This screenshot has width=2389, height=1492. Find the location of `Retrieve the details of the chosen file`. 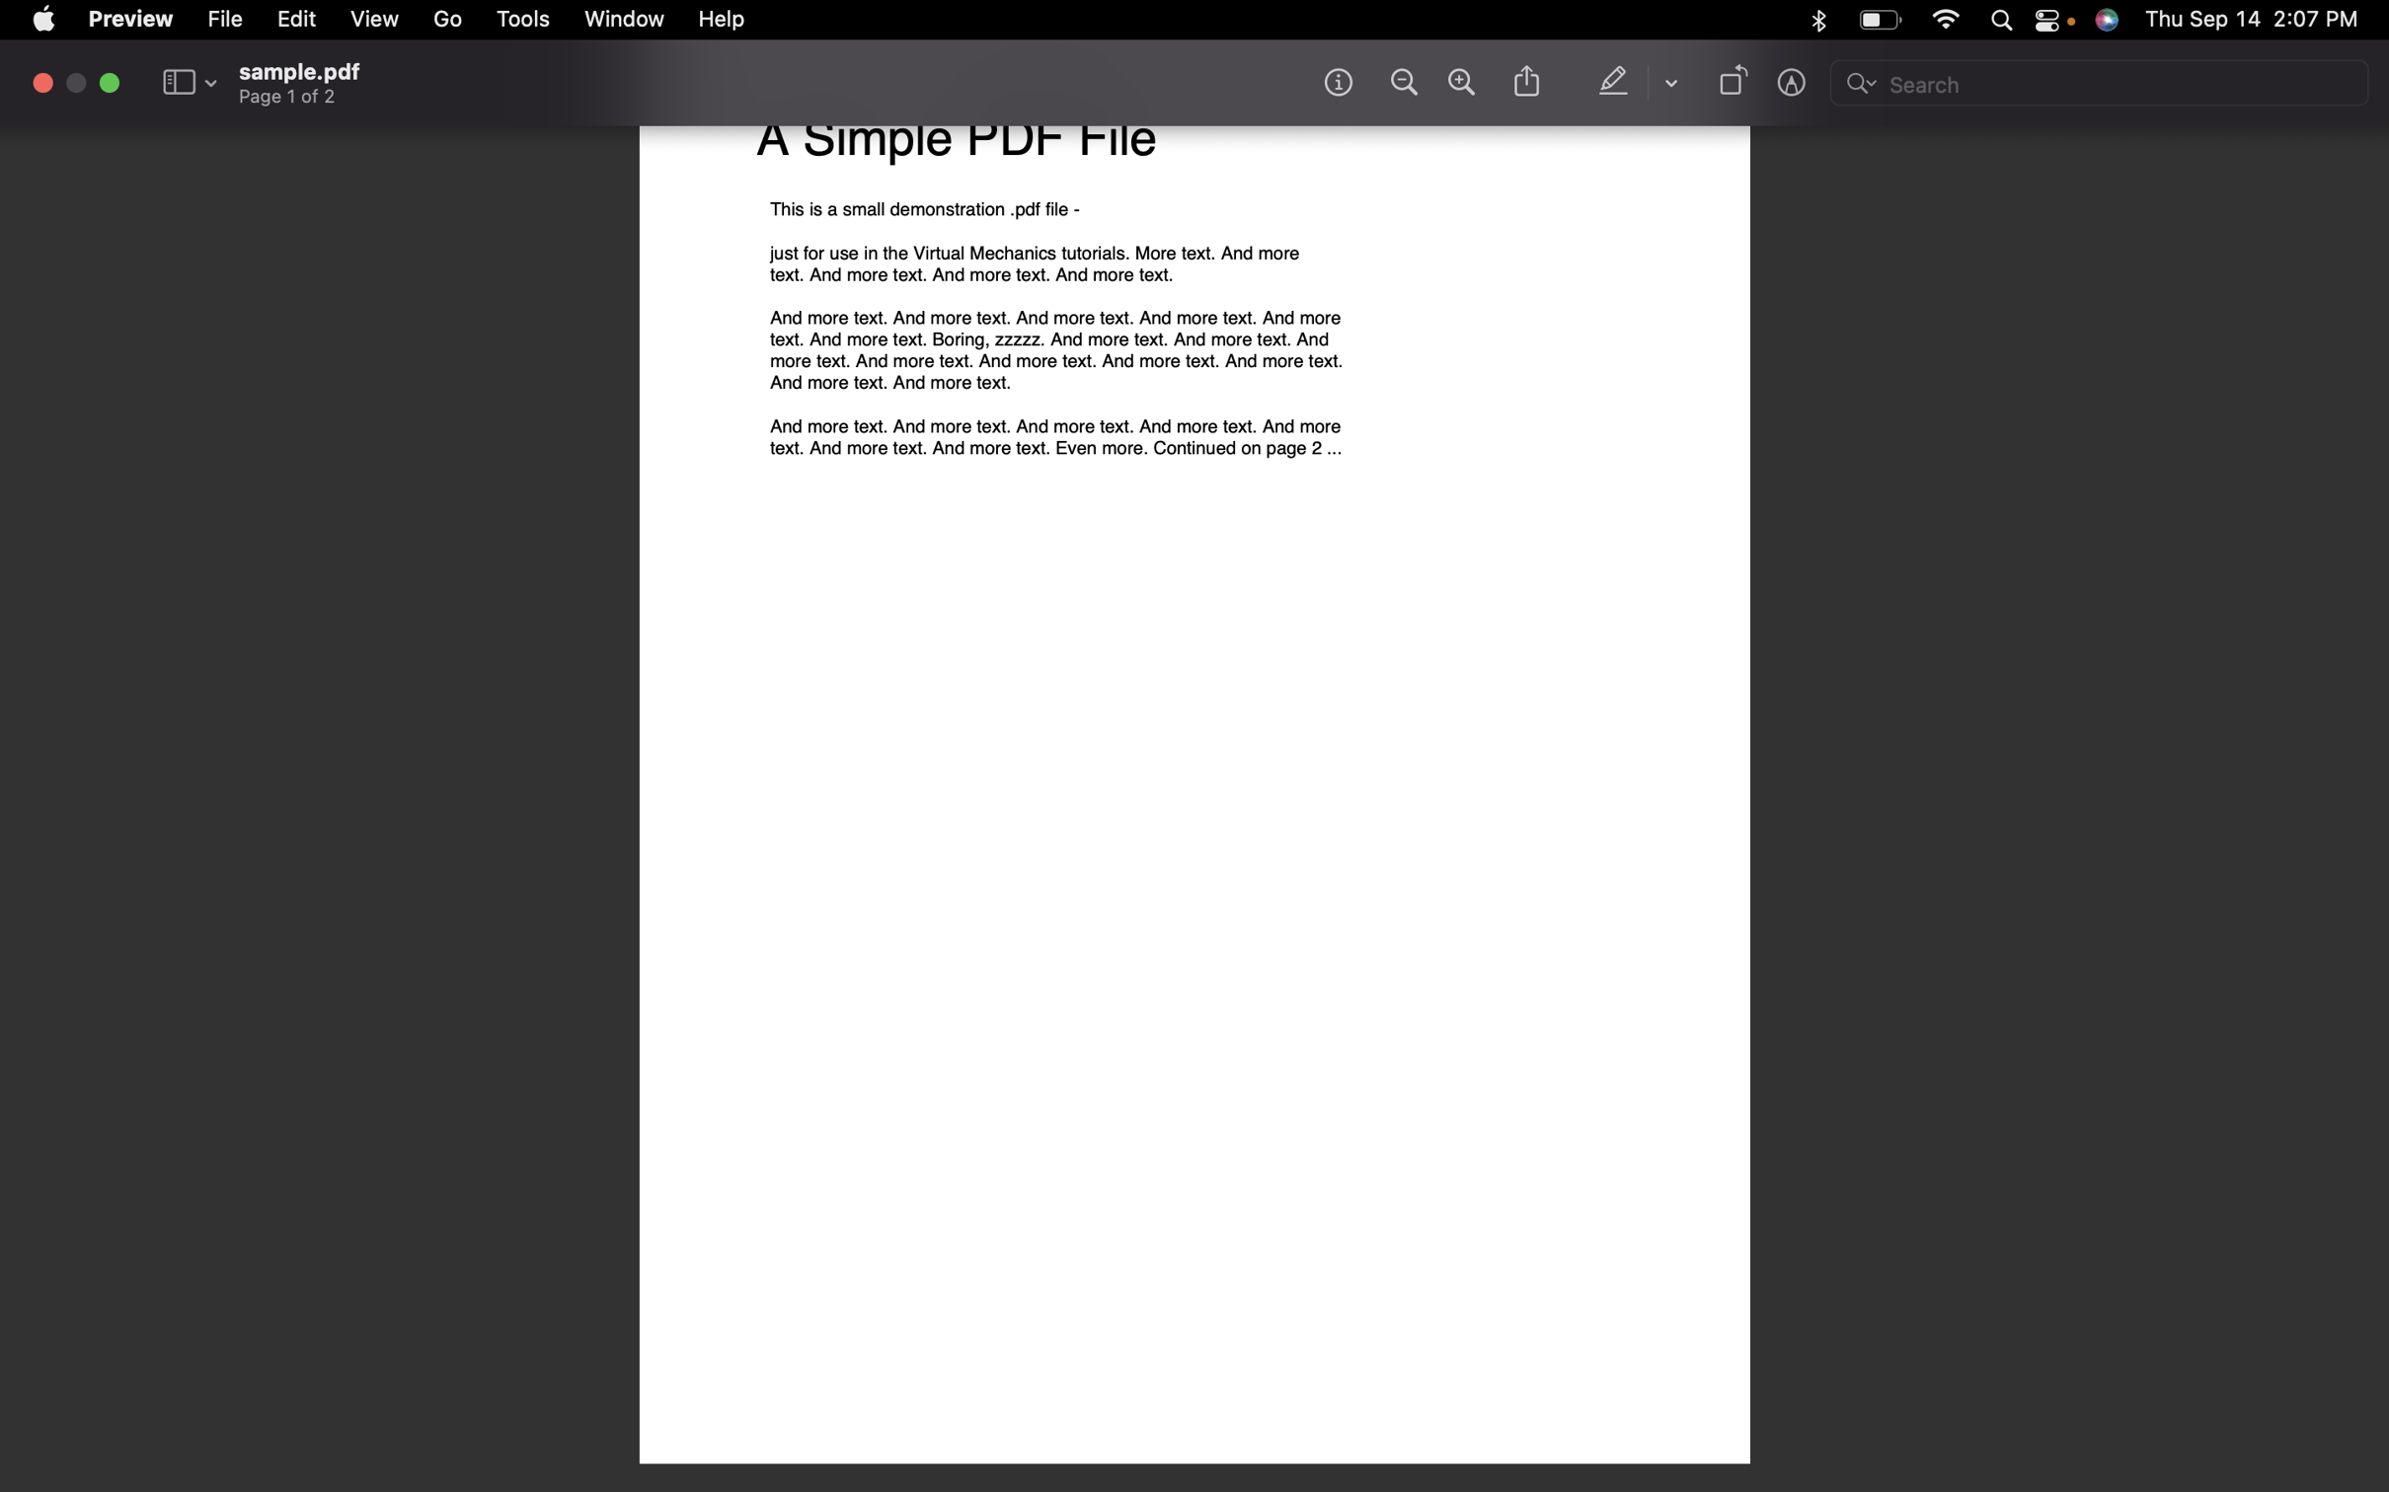

Retrieve the details of the chosen file is located at coordinates (227, 18).